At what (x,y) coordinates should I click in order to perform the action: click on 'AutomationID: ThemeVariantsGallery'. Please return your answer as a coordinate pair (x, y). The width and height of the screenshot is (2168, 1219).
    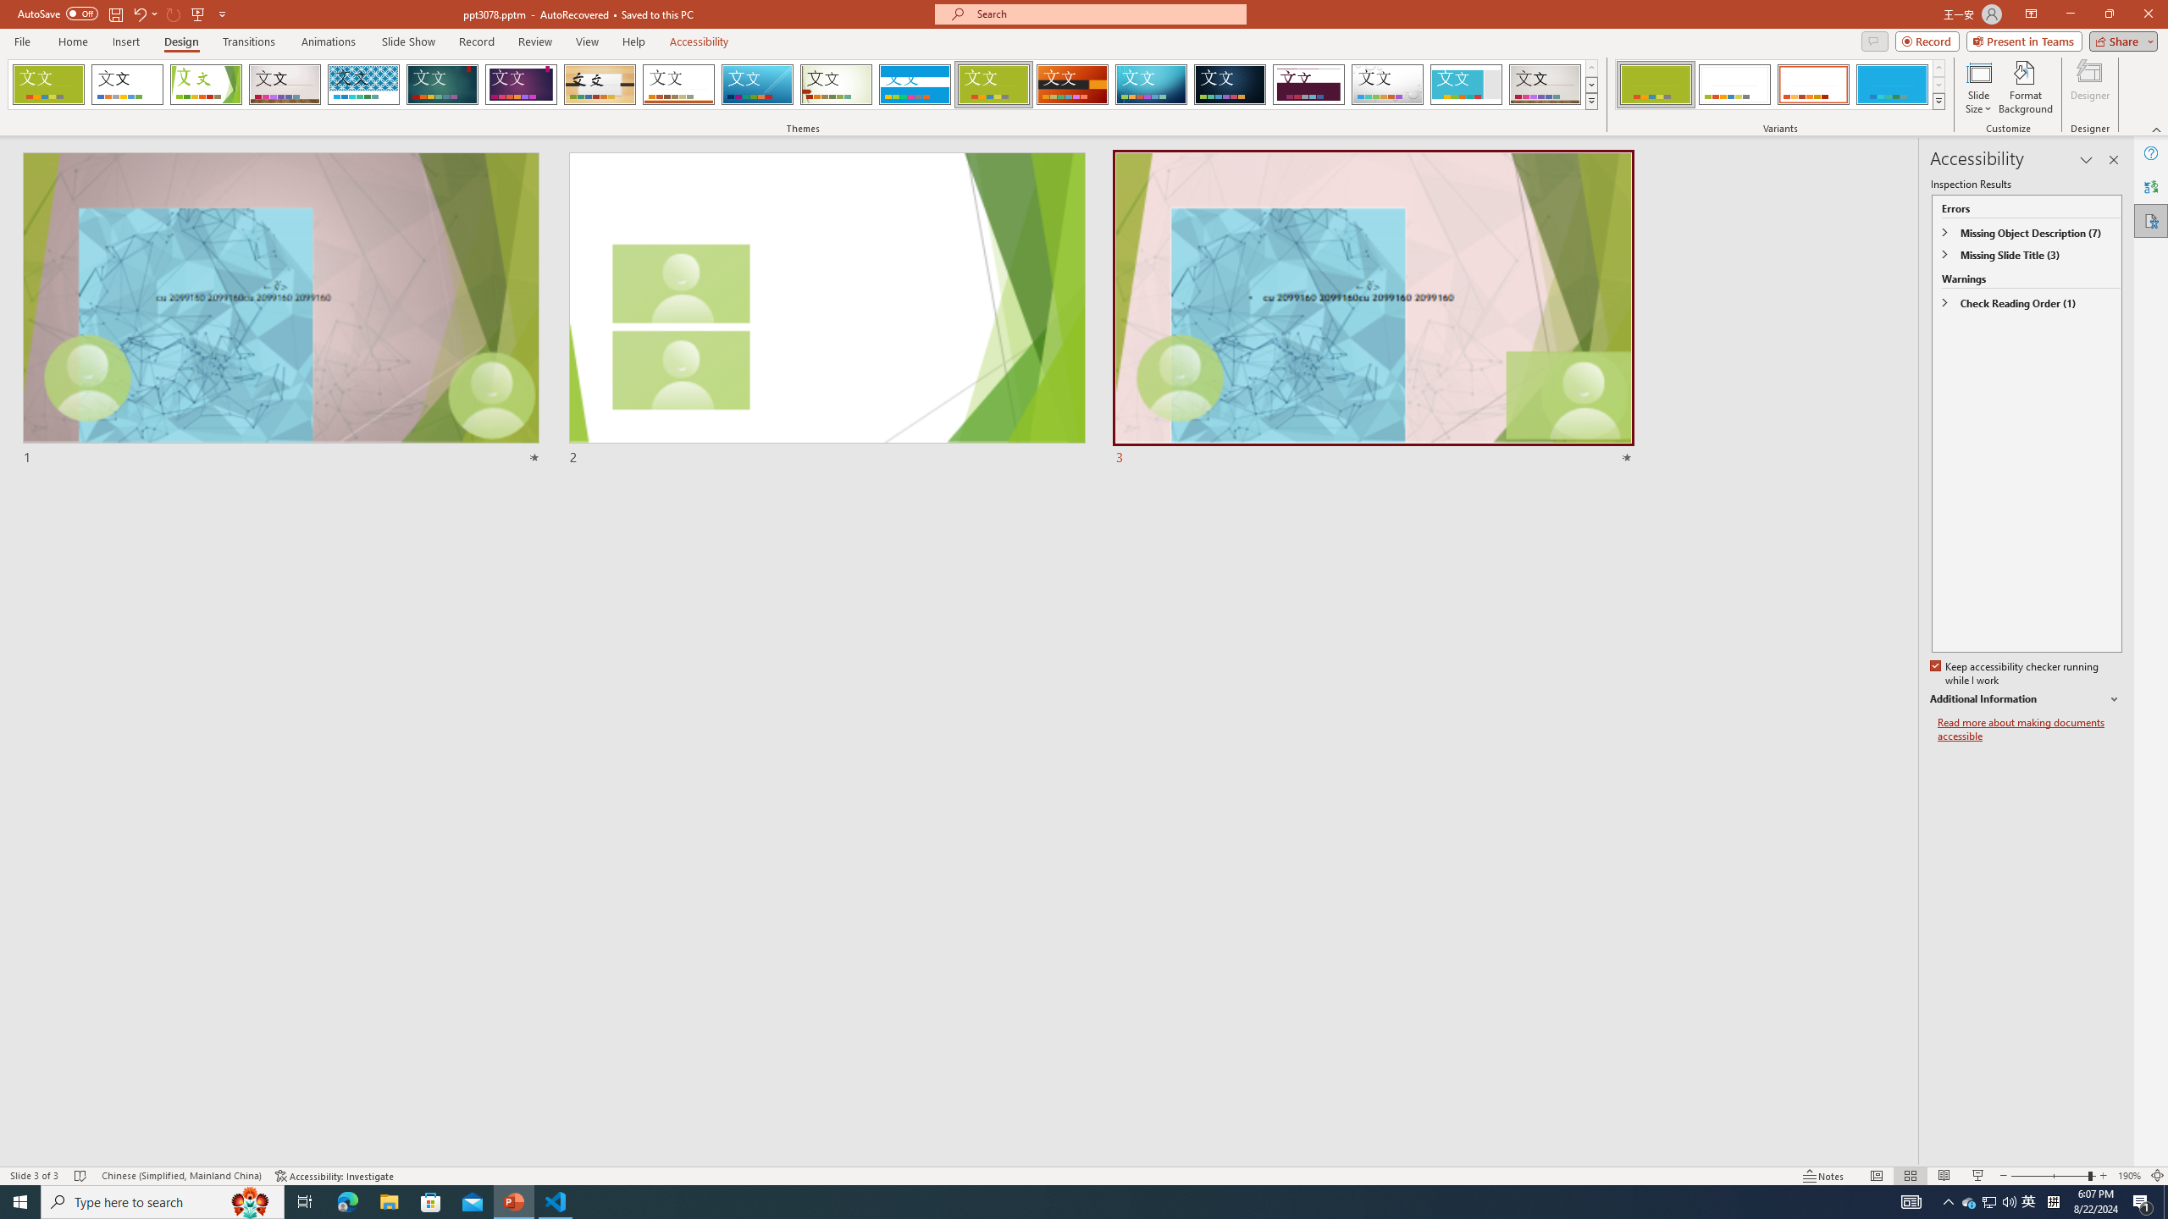
    Looking at the image, I should click on (1781, 84).